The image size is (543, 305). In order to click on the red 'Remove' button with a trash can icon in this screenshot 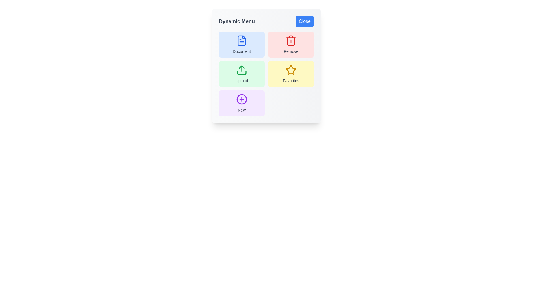, I will do `click(291, 44)`.